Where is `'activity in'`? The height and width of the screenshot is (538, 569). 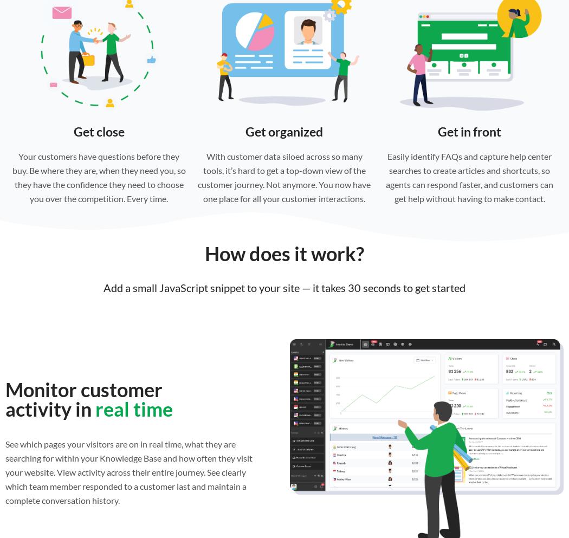 'activity in' is located at coordinates (50, 408).